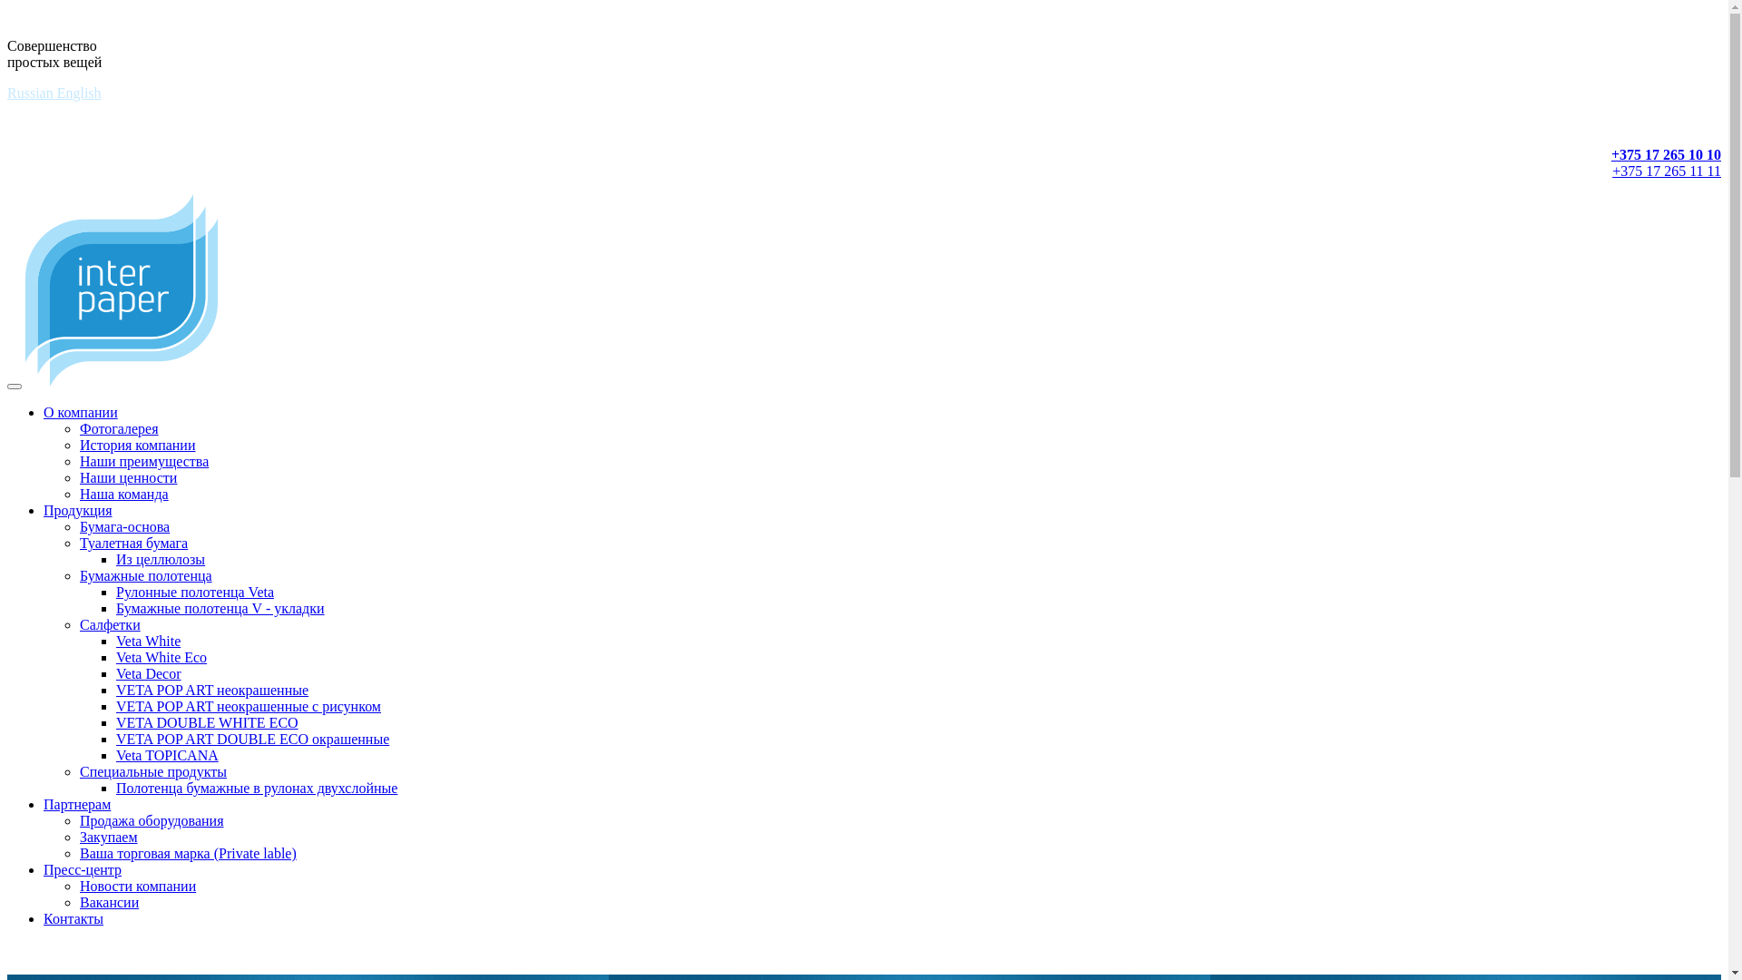 Image resolution: width=1742 pixels, height=980 pixels. What do you see at coordinates (207, 721) in the screenshot?
I see `'VETA DOUBLE WHITE ECO'` at bounding box center [207, 721].